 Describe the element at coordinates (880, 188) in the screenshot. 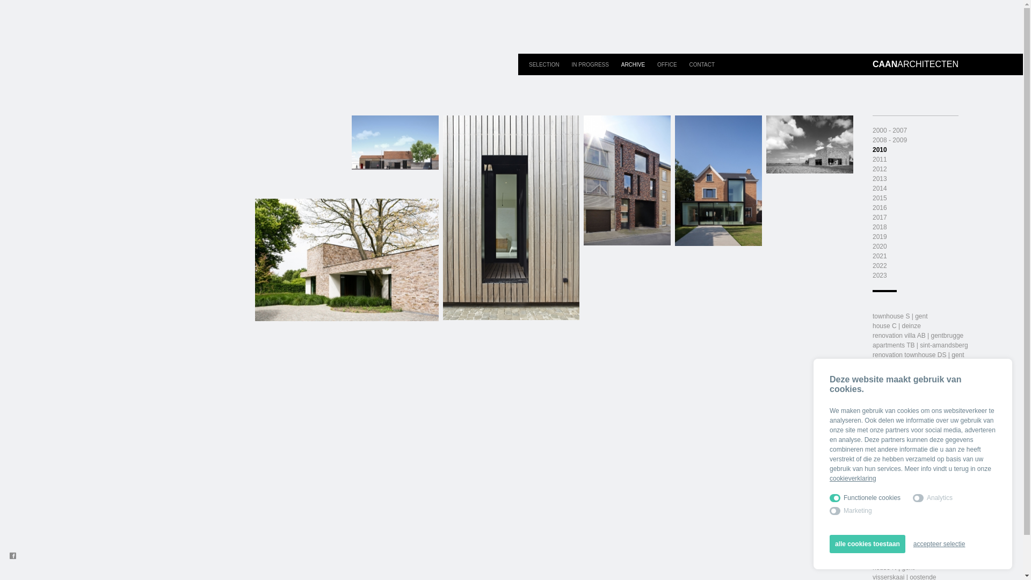

I see `'2014'` at that location.